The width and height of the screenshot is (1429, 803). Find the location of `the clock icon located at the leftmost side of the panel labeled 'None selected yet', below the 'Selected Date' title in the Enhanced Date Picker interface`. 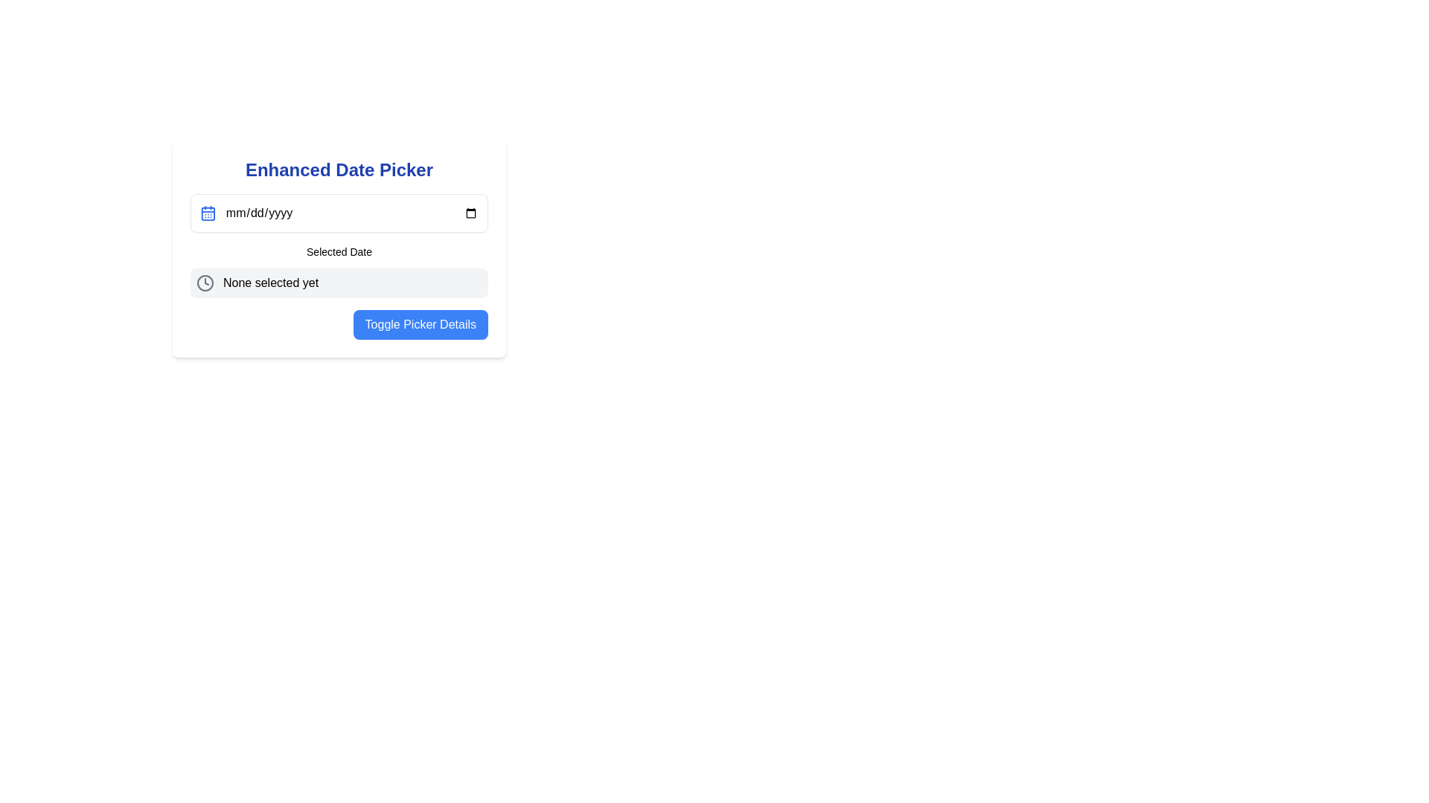

the clock icon located at the leftmost side of the panel labeled 'None selected yet', below the 'Selected Date' title in the Enhanced Date Picker interface is located at coordinates (204, 283).